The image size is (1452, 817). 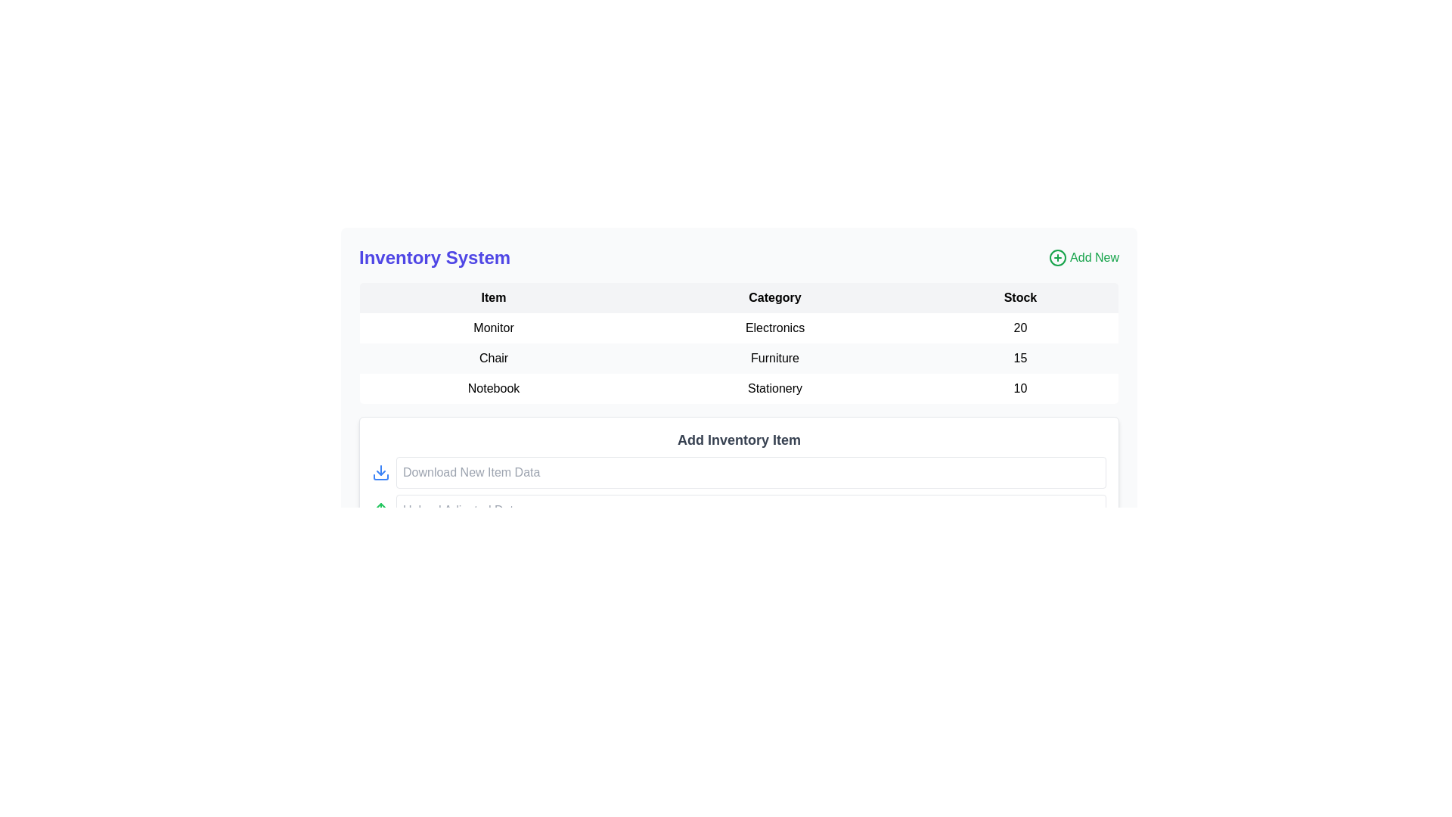 I want to click on the static text label displaying the category 'Monitor' in the inventory system, located in the second column of the corresponding table row, so click(x=775, y=328).